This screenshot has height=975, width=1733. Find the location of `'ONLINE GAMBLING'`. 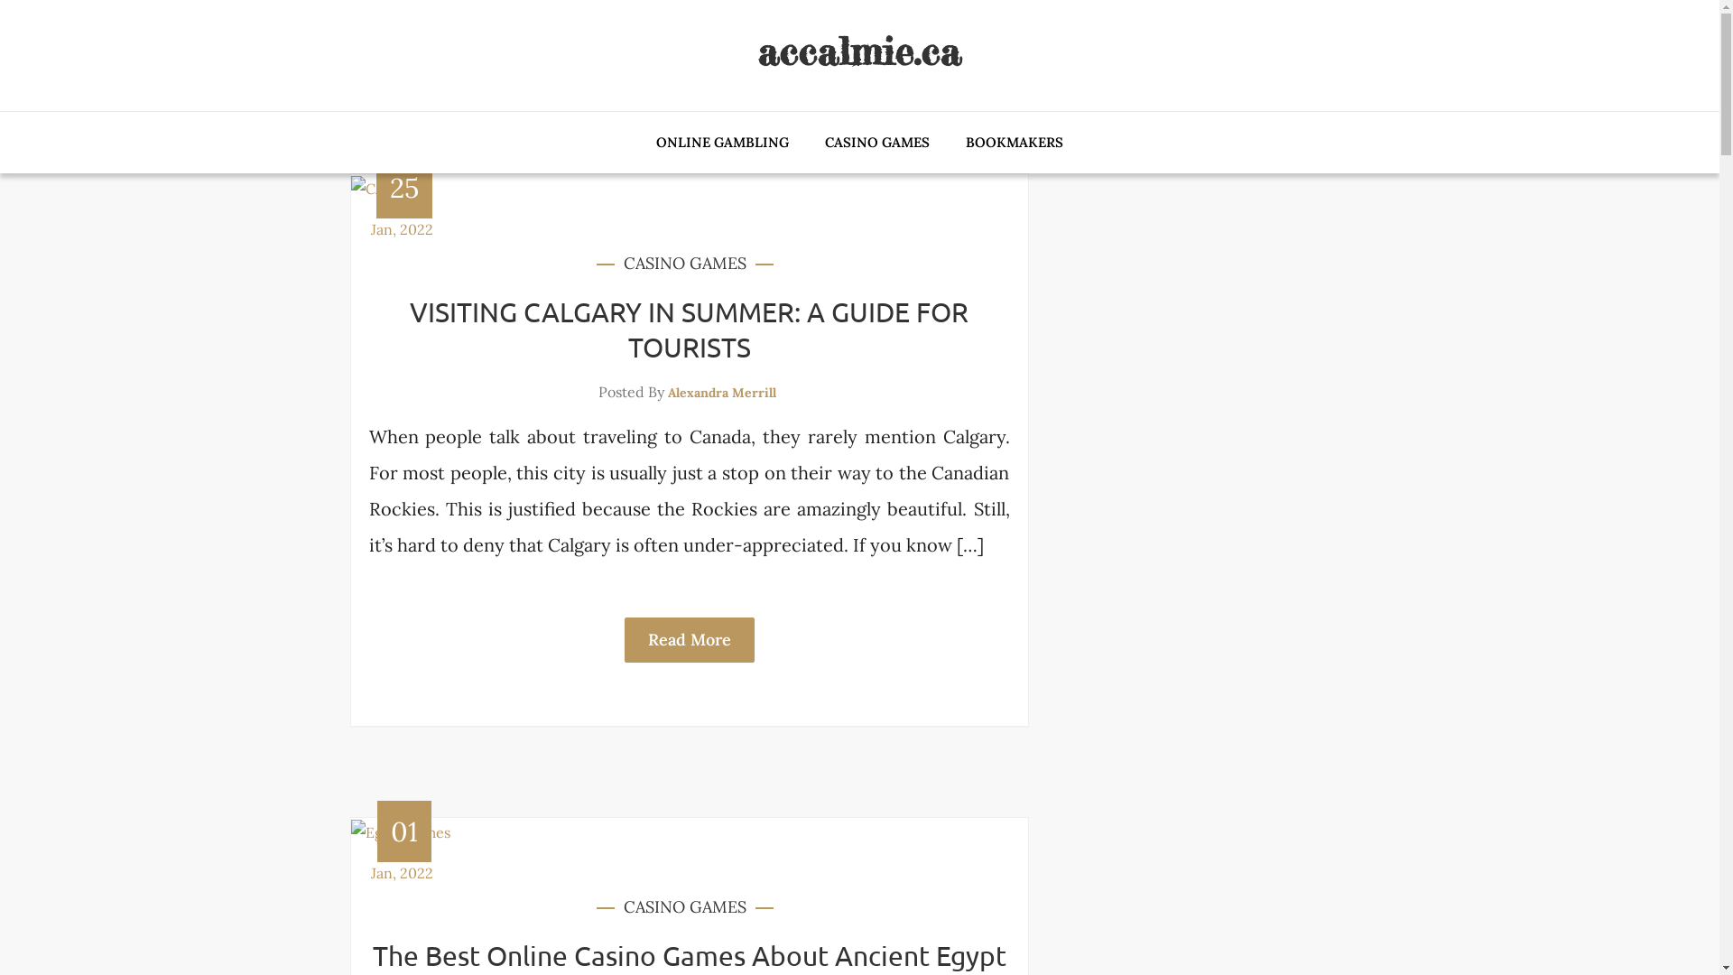

'ONLINE GAMBLING' is located at coordinates (640, 142).